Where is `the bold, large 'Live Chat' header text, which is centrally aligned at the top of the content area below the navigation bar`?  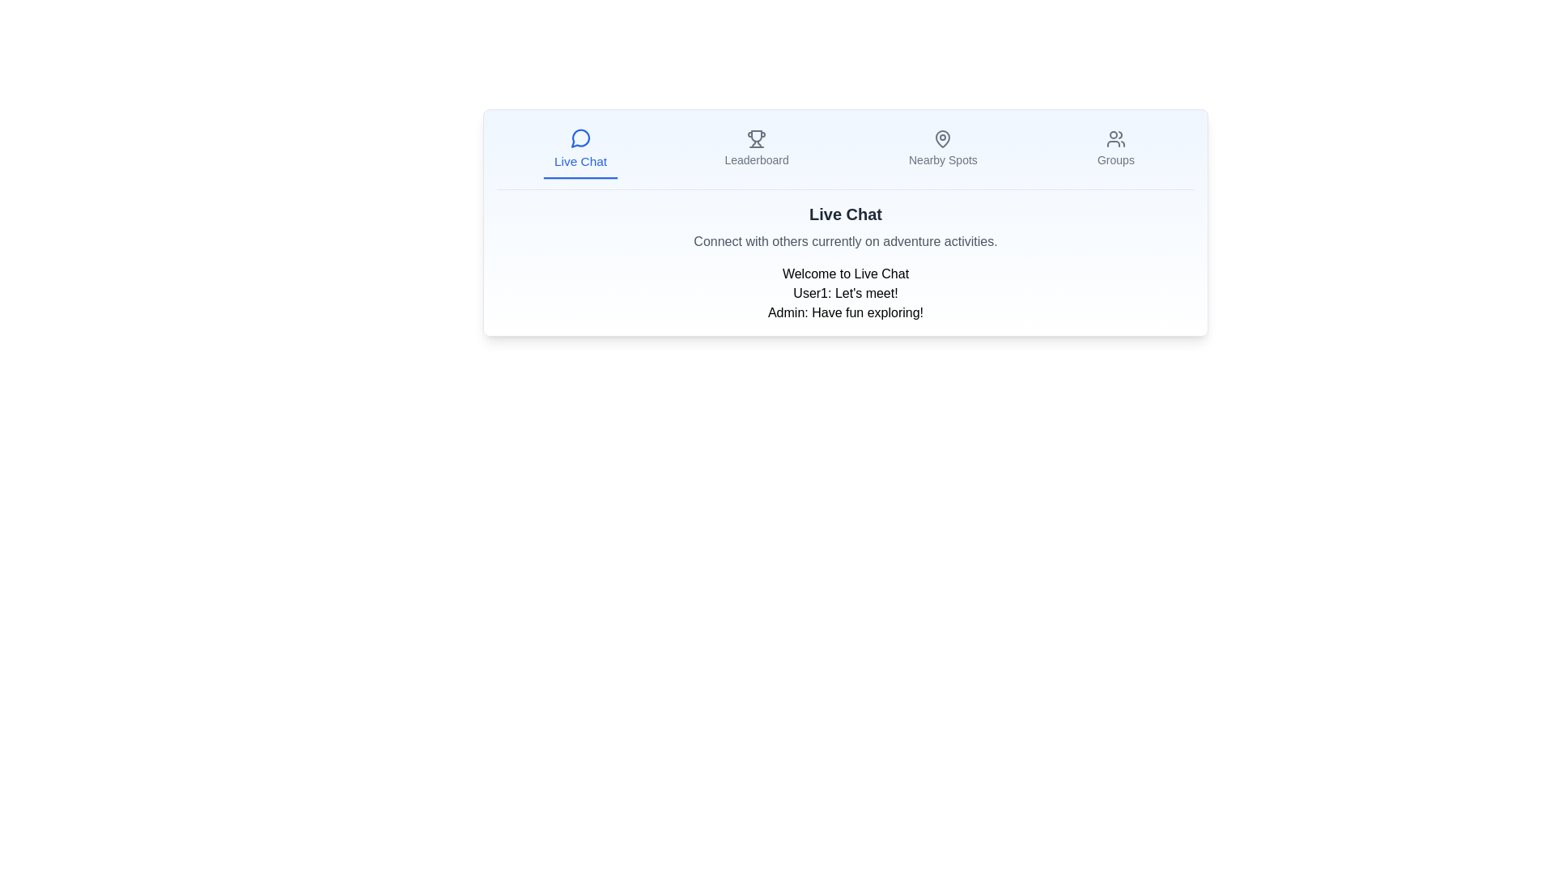
the bold, large 'Live Chat' header text, which is centrally aligned at the top of the content area below the navigation bar is located at coordinates (845, 214).